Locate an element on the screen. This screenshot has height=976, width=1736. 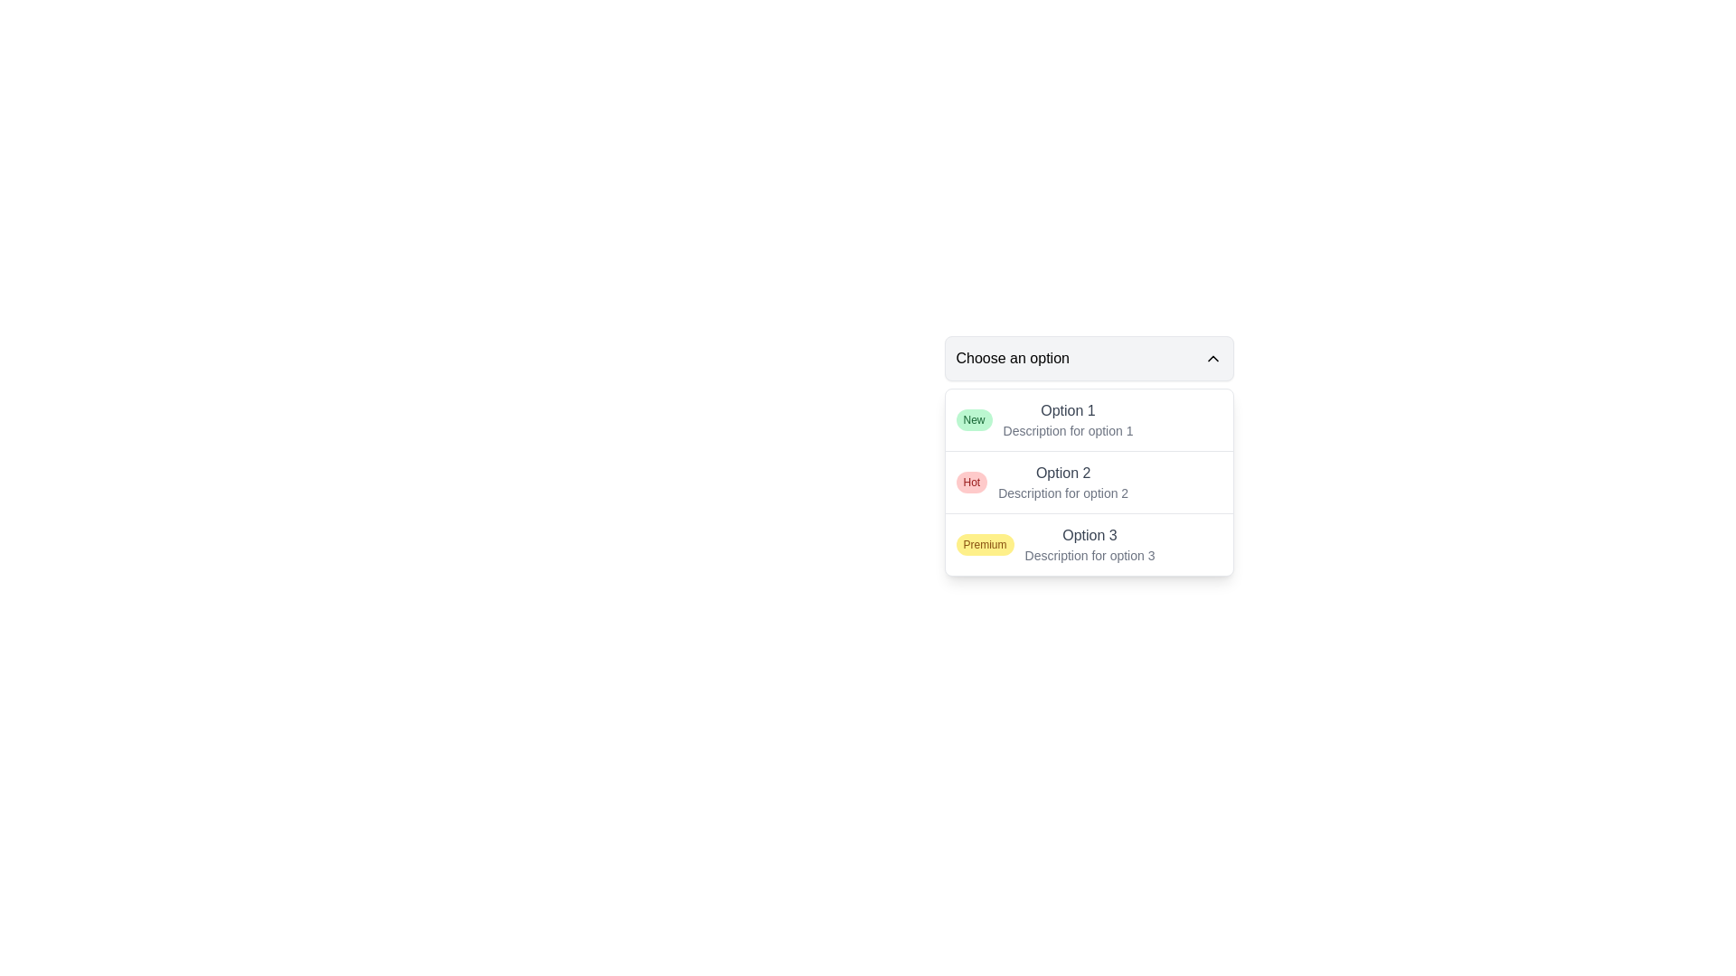
text label that displays 'Description for option 3', which is a line of small, light gray text positioned below 'Option 3' in the dropdown menu is located at coordinates (1089, 554).